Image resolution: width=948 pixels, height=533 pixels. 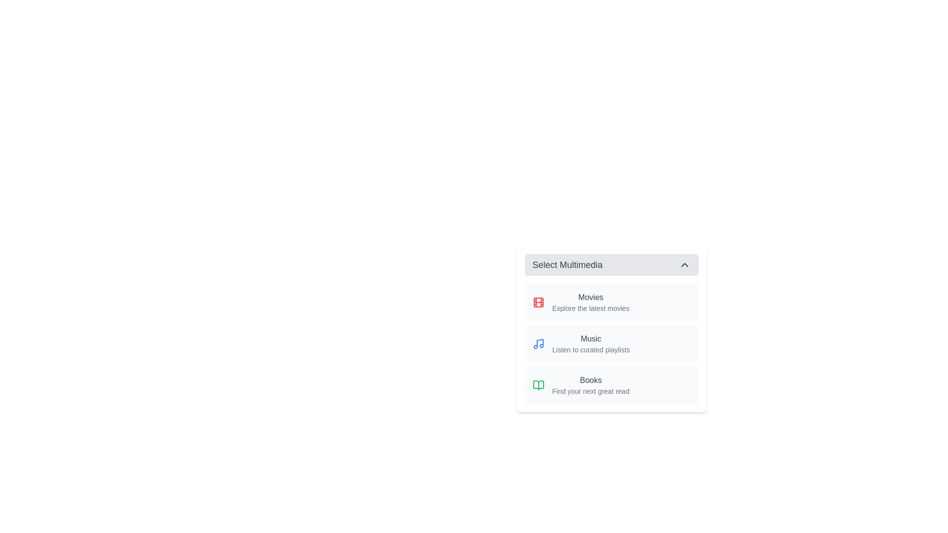 I want to click on the text element that reads 'Listen to curated playlists', which is styled in a small gray font and located directly beneath the 'Music' label in the 'Select Multimedia' panel, so click(x=591, y=349).